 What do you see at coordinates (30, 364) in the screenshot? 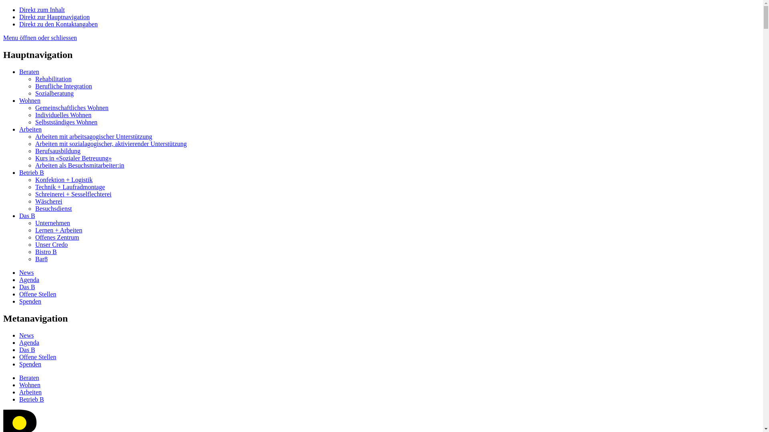
I see `'Spenden'` at bounding box center [30, 364].